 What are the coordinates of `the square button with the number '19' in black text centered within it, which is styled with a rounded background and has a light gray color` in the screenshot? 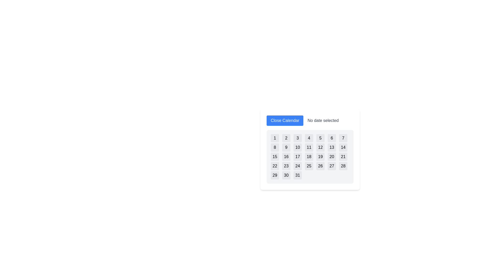 It's located at (320, 156).